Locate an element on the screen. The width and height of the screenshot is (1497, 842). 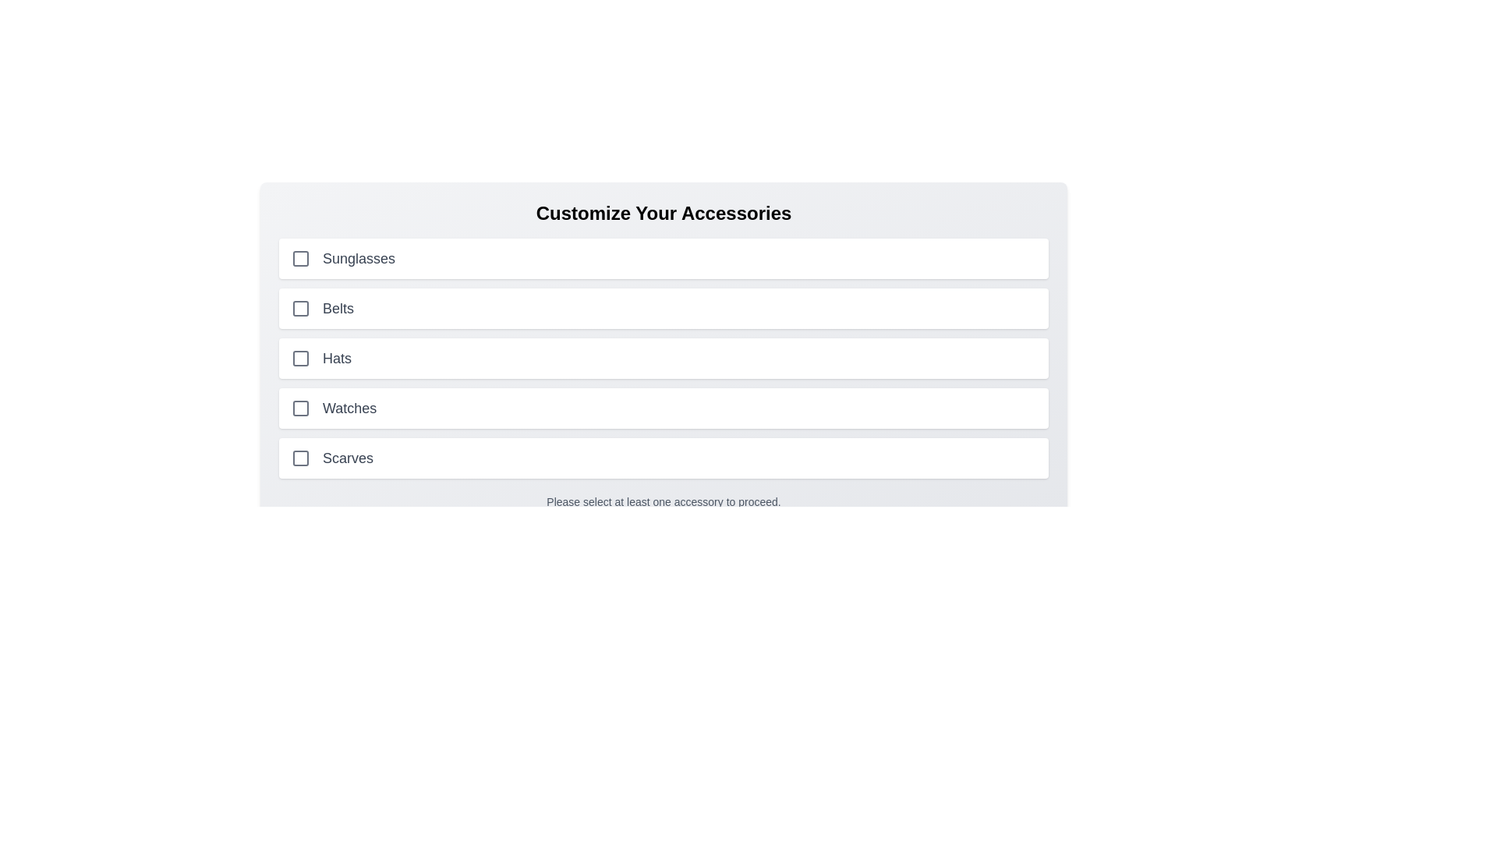
the selection icon is located at coordinates (300, 408).